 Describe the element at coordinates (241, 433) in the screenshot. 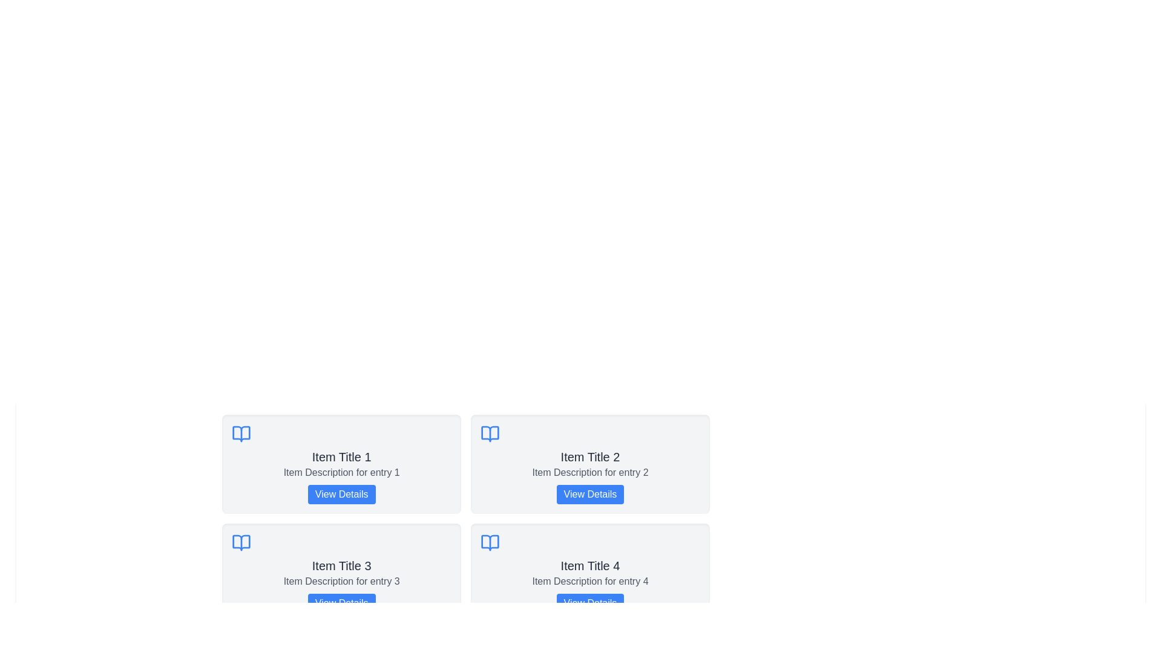

I see `the book-shaped icon with a bright blue color, located above the text 'Item Title 1'` at that location.